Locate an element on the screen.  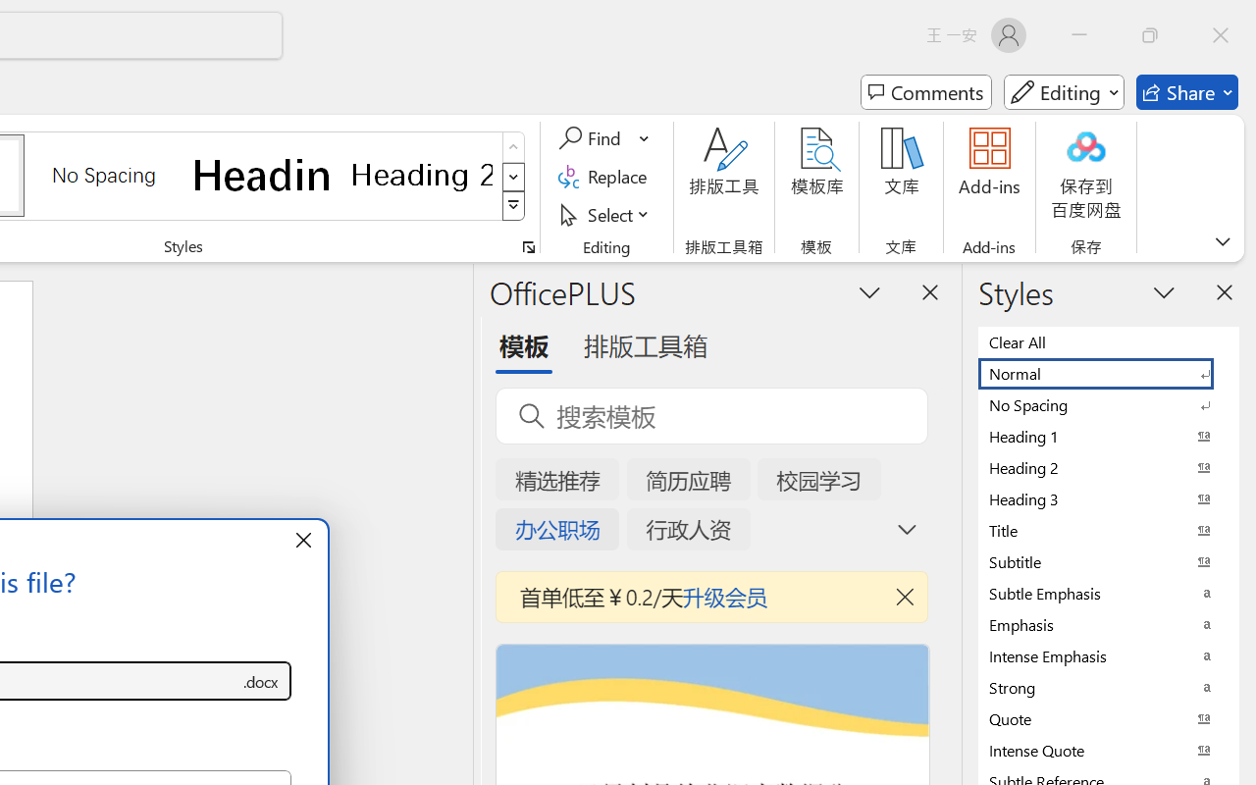
'Intense Emphasis' is located at coordinates (1109, 655).